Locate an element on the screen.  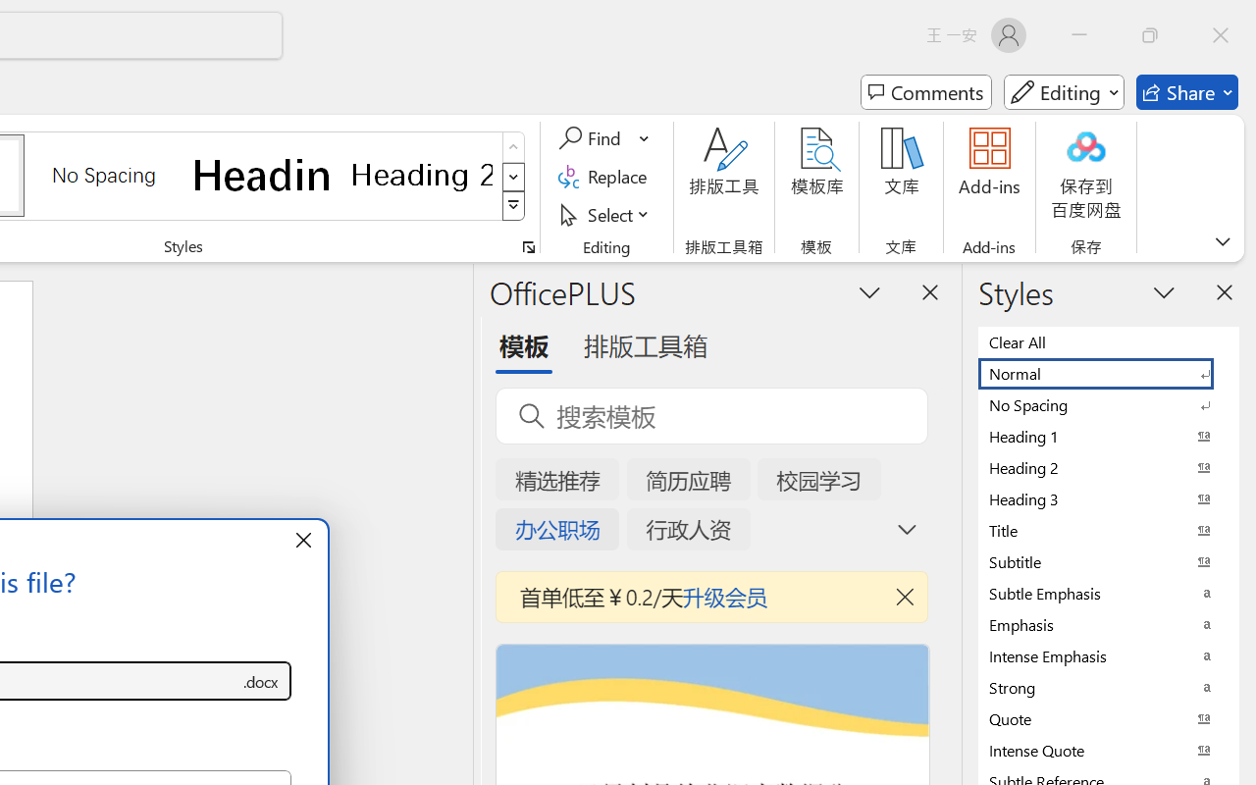
'Intense Emphasis' is located at coordinates (1109, 655).